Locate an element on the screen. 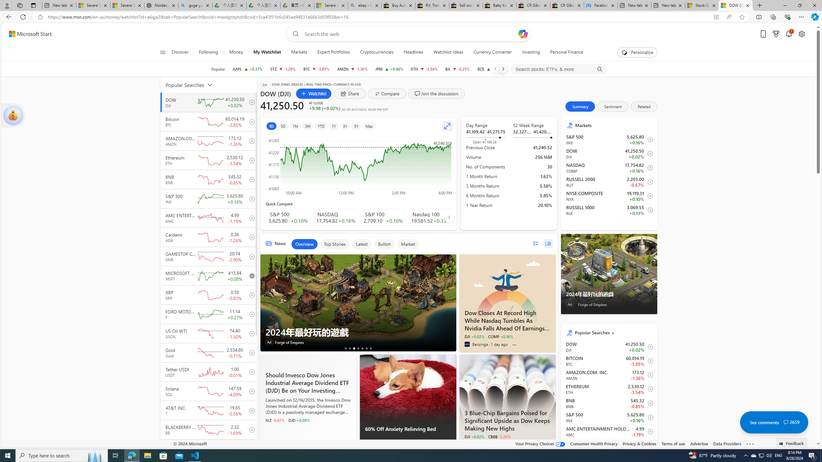  'Watchlist Ideas' is located at coordinates (448, 52).